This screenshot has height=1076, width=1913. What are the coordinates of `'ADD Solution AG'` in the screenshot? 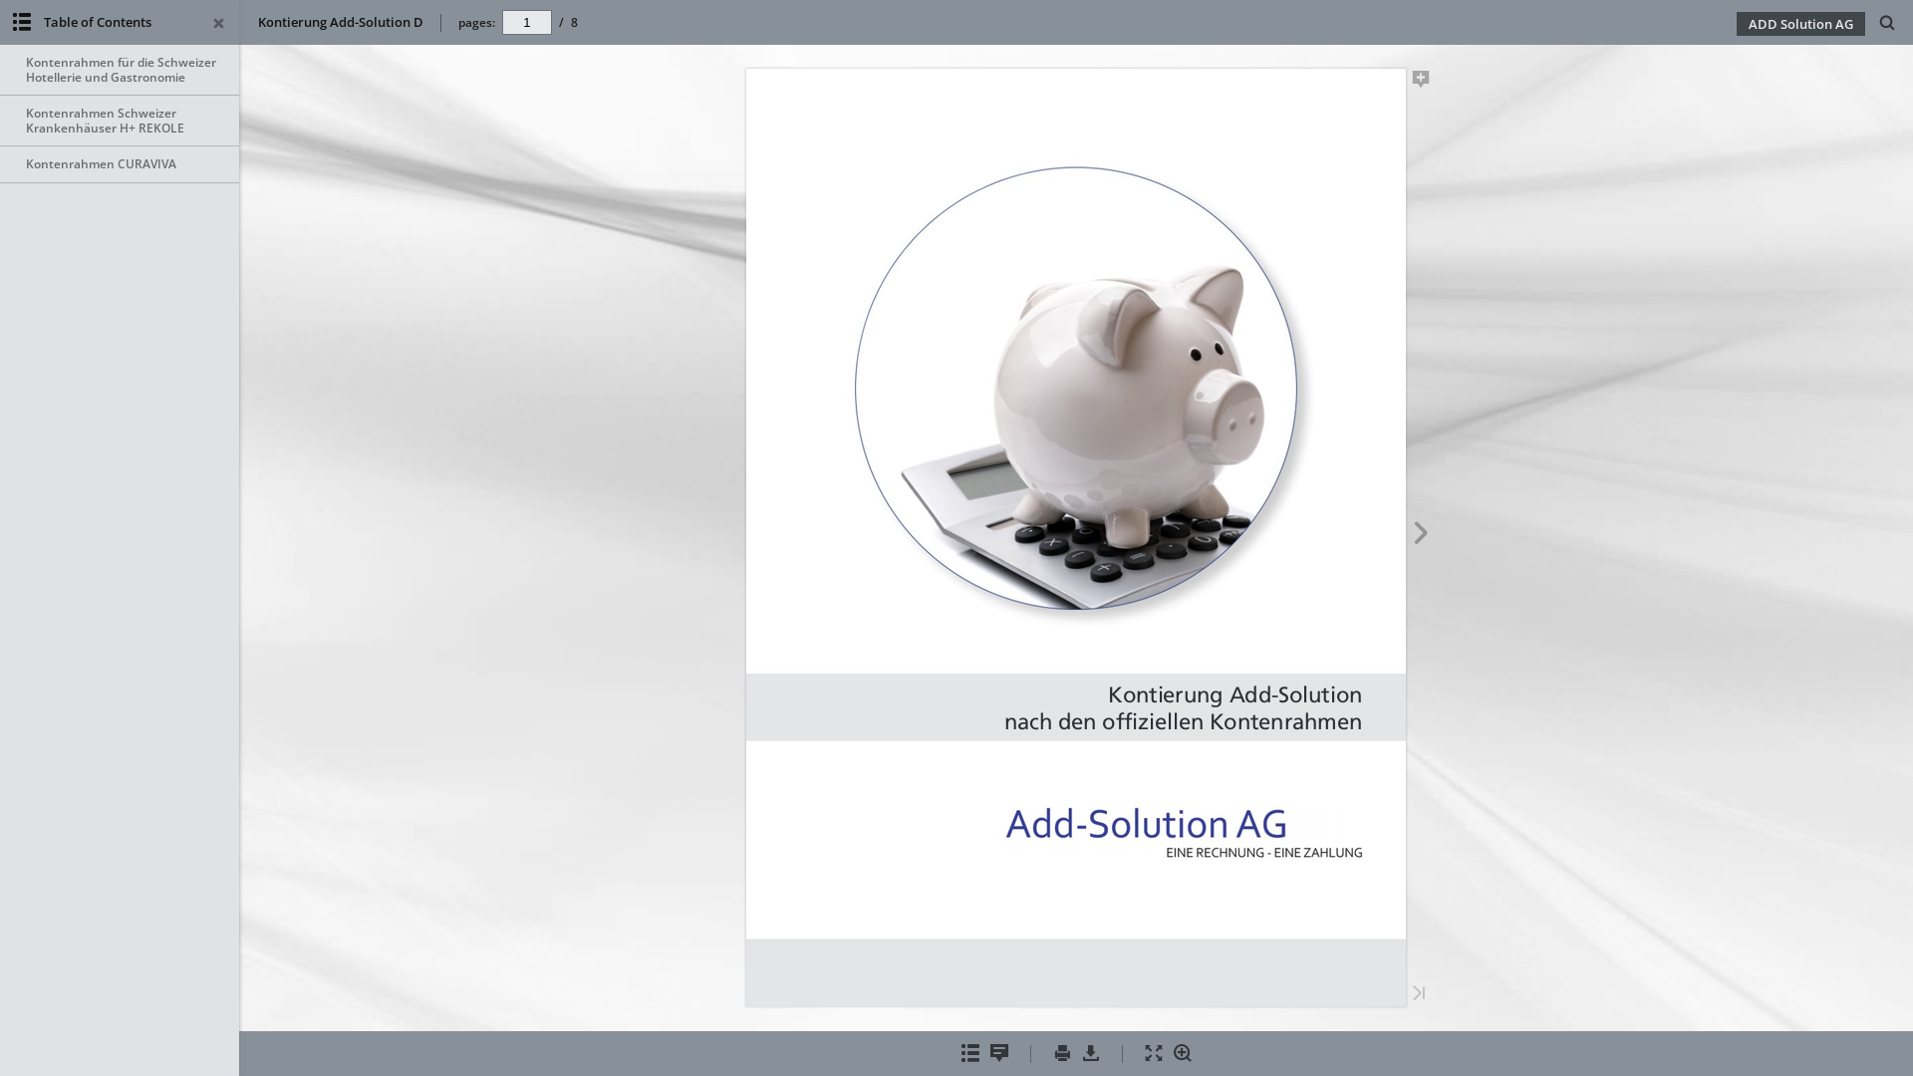 It's located at (1800, 23).